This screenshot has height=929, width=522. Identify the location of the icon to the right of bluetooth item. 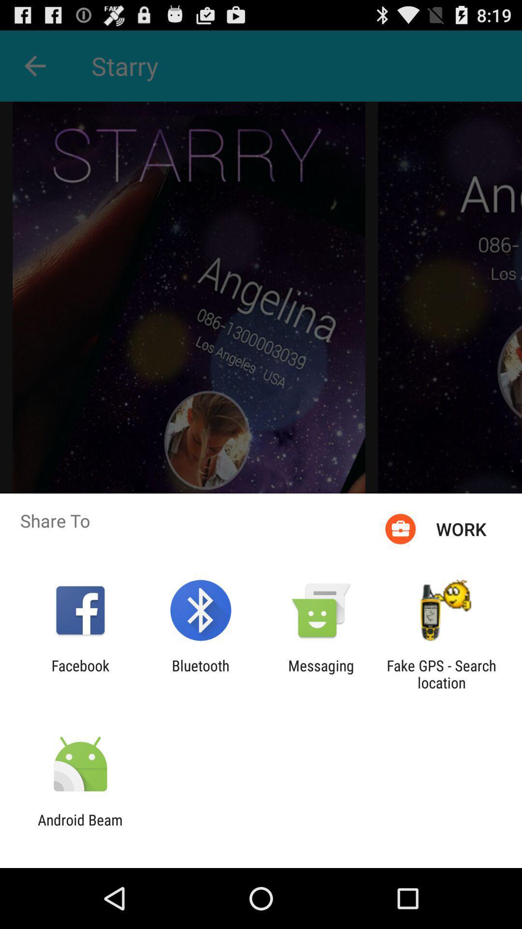
(321, 674).